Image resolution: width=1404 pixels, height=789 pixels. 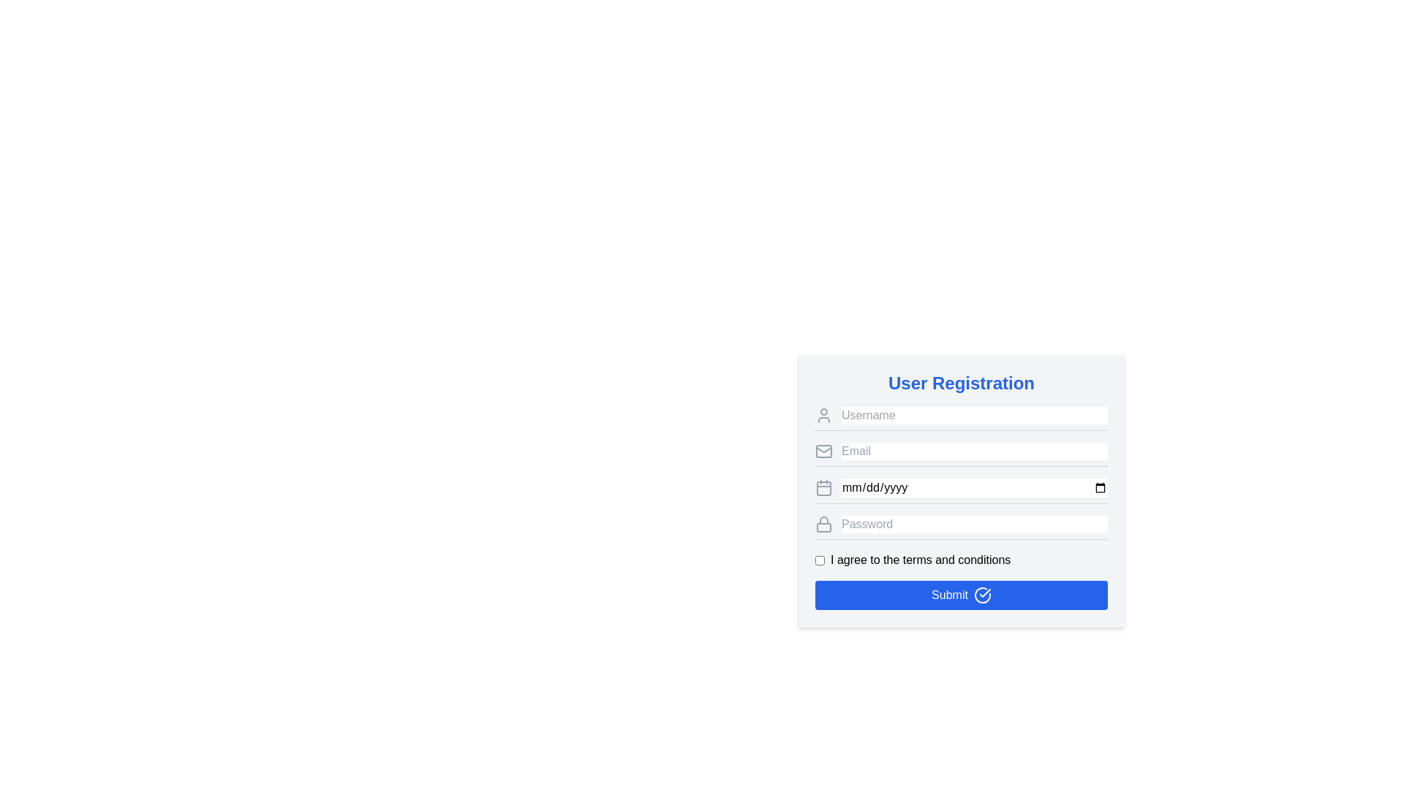 I want to click on the date input field icon (SVG) located at the beginning of the registration form, positioned directly to the left of the date input field with the placeholder 'mm/dd/yyyy', so click(x=824, y=487).